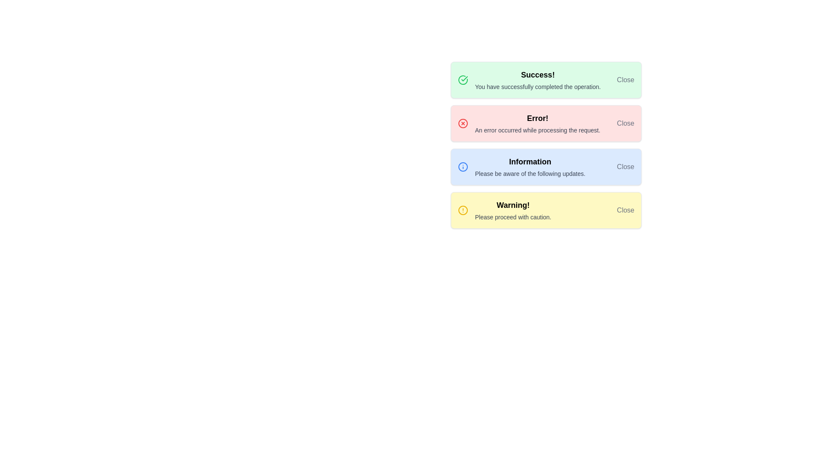  I want to click on the prominently styled text label reading 'Information', which is bold and large, located at the top of the blue notification card in the third notification section, so click(530, 162).